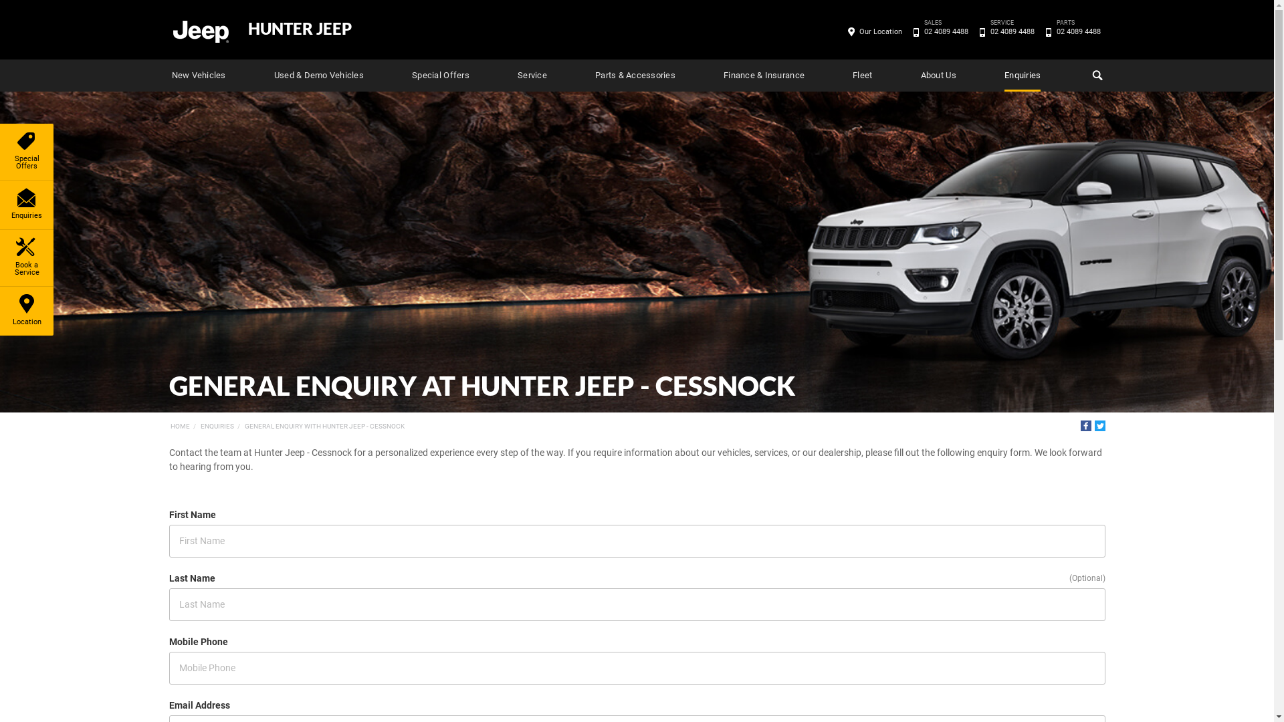 Image resolution: width=1284 pixels, height=722 pixels. What do you see at coordinates (199, 30) in the screenshot?
I see `'Hunter Jeep'` at bounding box center [199, 30].